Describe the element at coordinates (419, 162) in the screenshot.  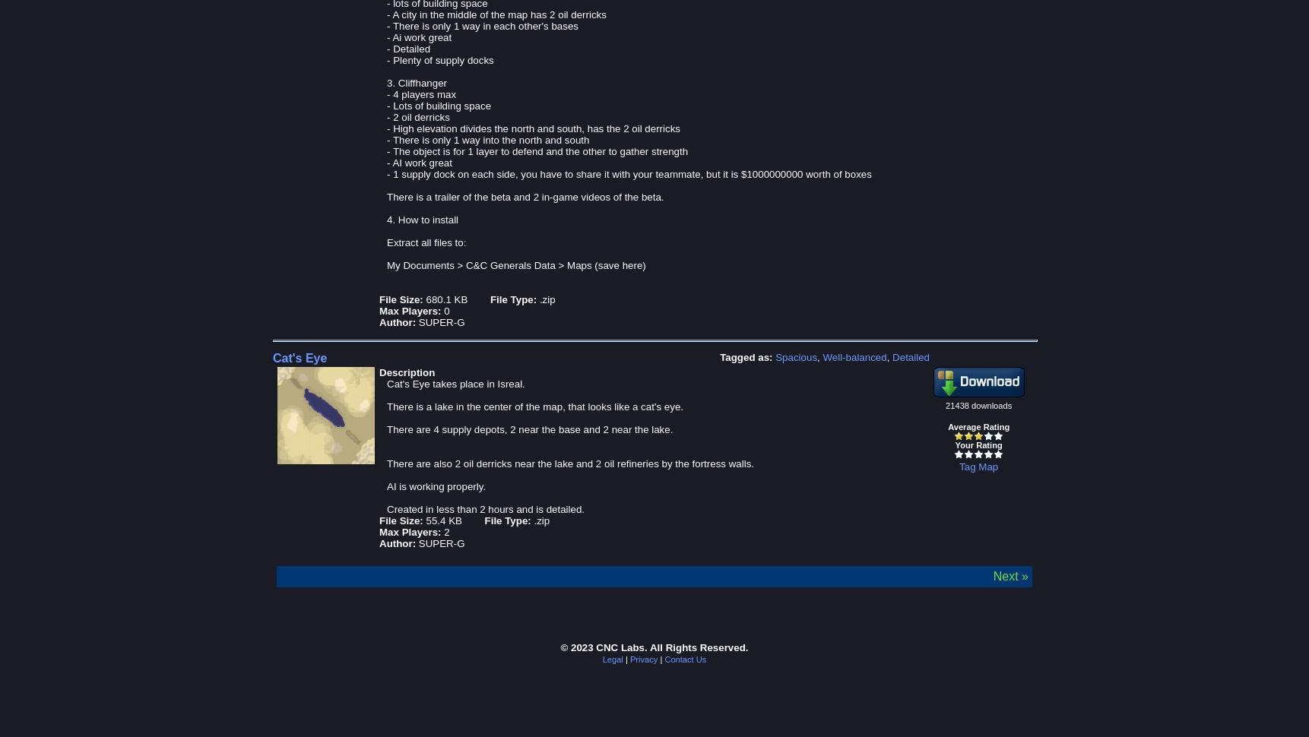
I see `'- AI work great'` at that location.